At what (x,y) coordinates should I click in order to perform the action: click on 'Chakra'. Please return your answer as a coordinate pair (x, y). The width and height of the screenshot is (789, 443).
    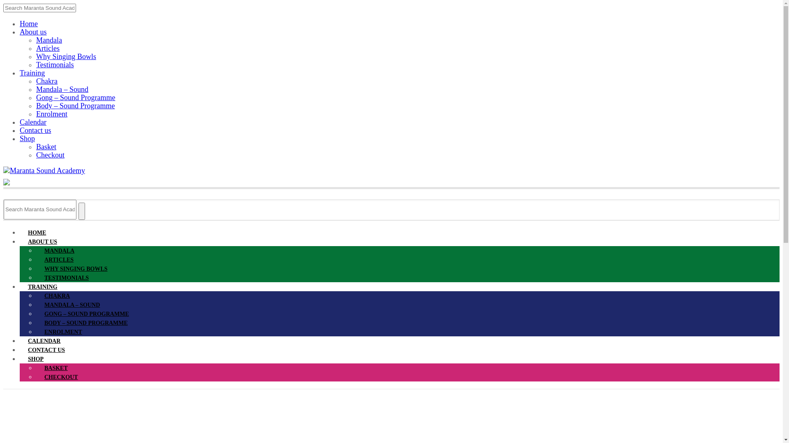
    Looking at the image, I should click on (46, 81).